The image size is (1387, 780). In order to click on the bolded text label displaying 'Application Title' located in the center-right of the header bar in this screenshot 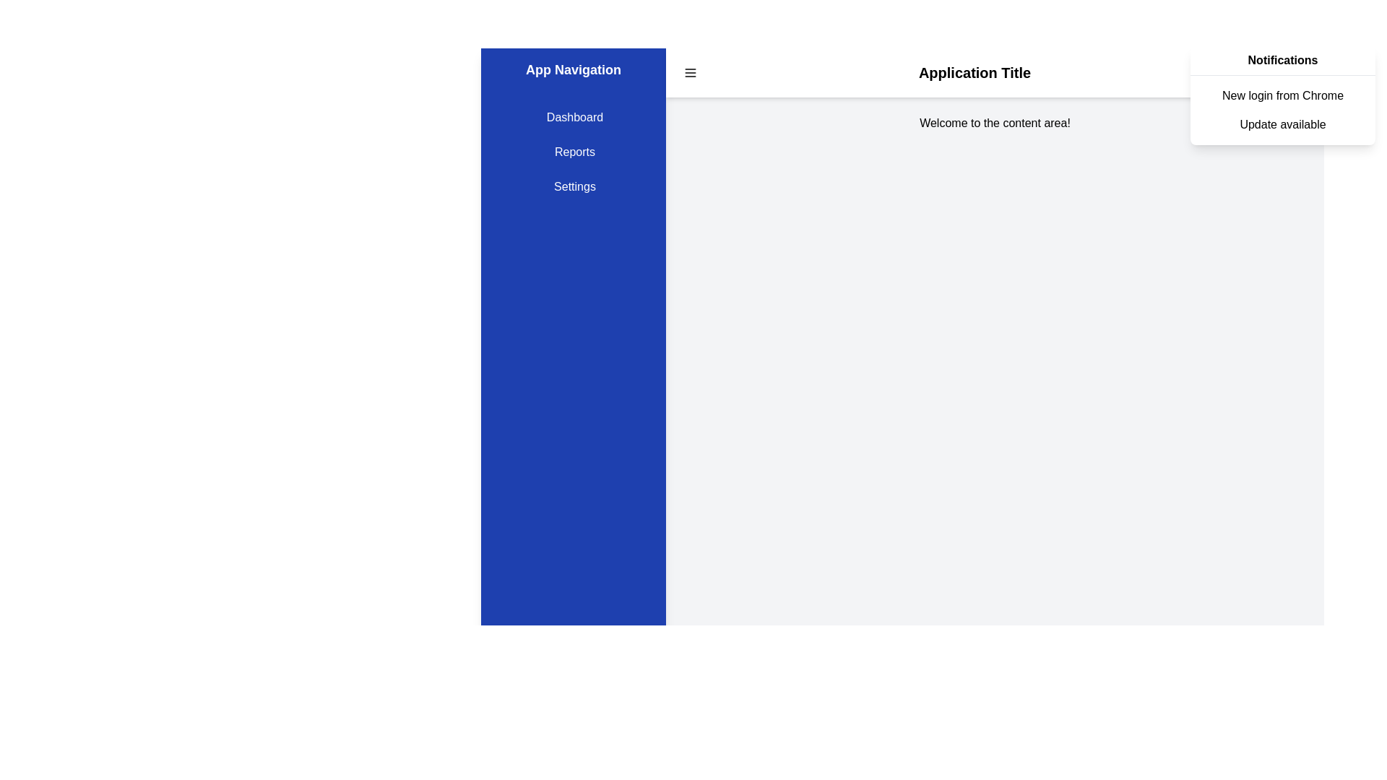, I will do `click(975, 72)`.